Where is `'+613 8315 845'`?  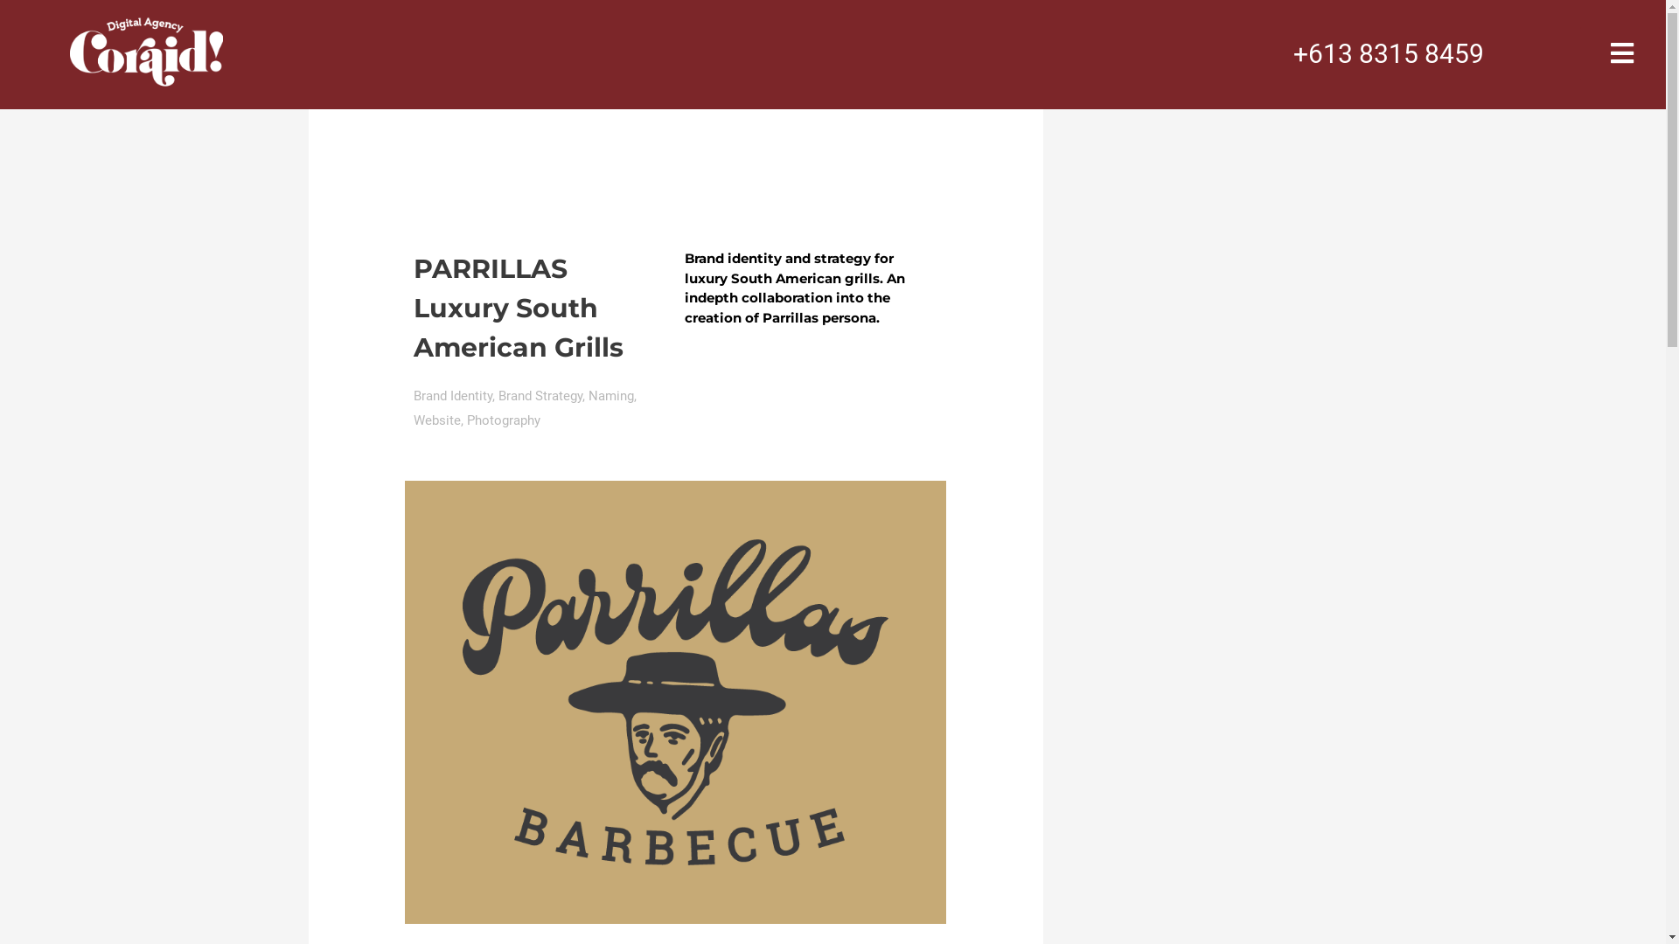
'+613 8315 845' is located at coordinates (1380, 52).